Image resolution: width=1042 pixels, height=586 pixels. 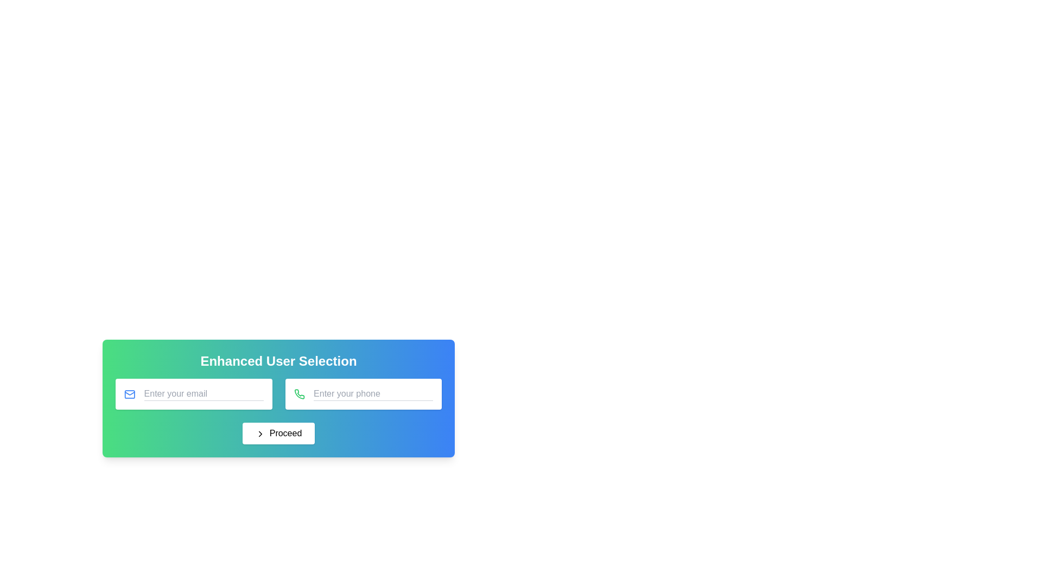 I want to click on the action trigger button located at the bottom-central section of the interface to observe the color change, so click(x=278, y=432).